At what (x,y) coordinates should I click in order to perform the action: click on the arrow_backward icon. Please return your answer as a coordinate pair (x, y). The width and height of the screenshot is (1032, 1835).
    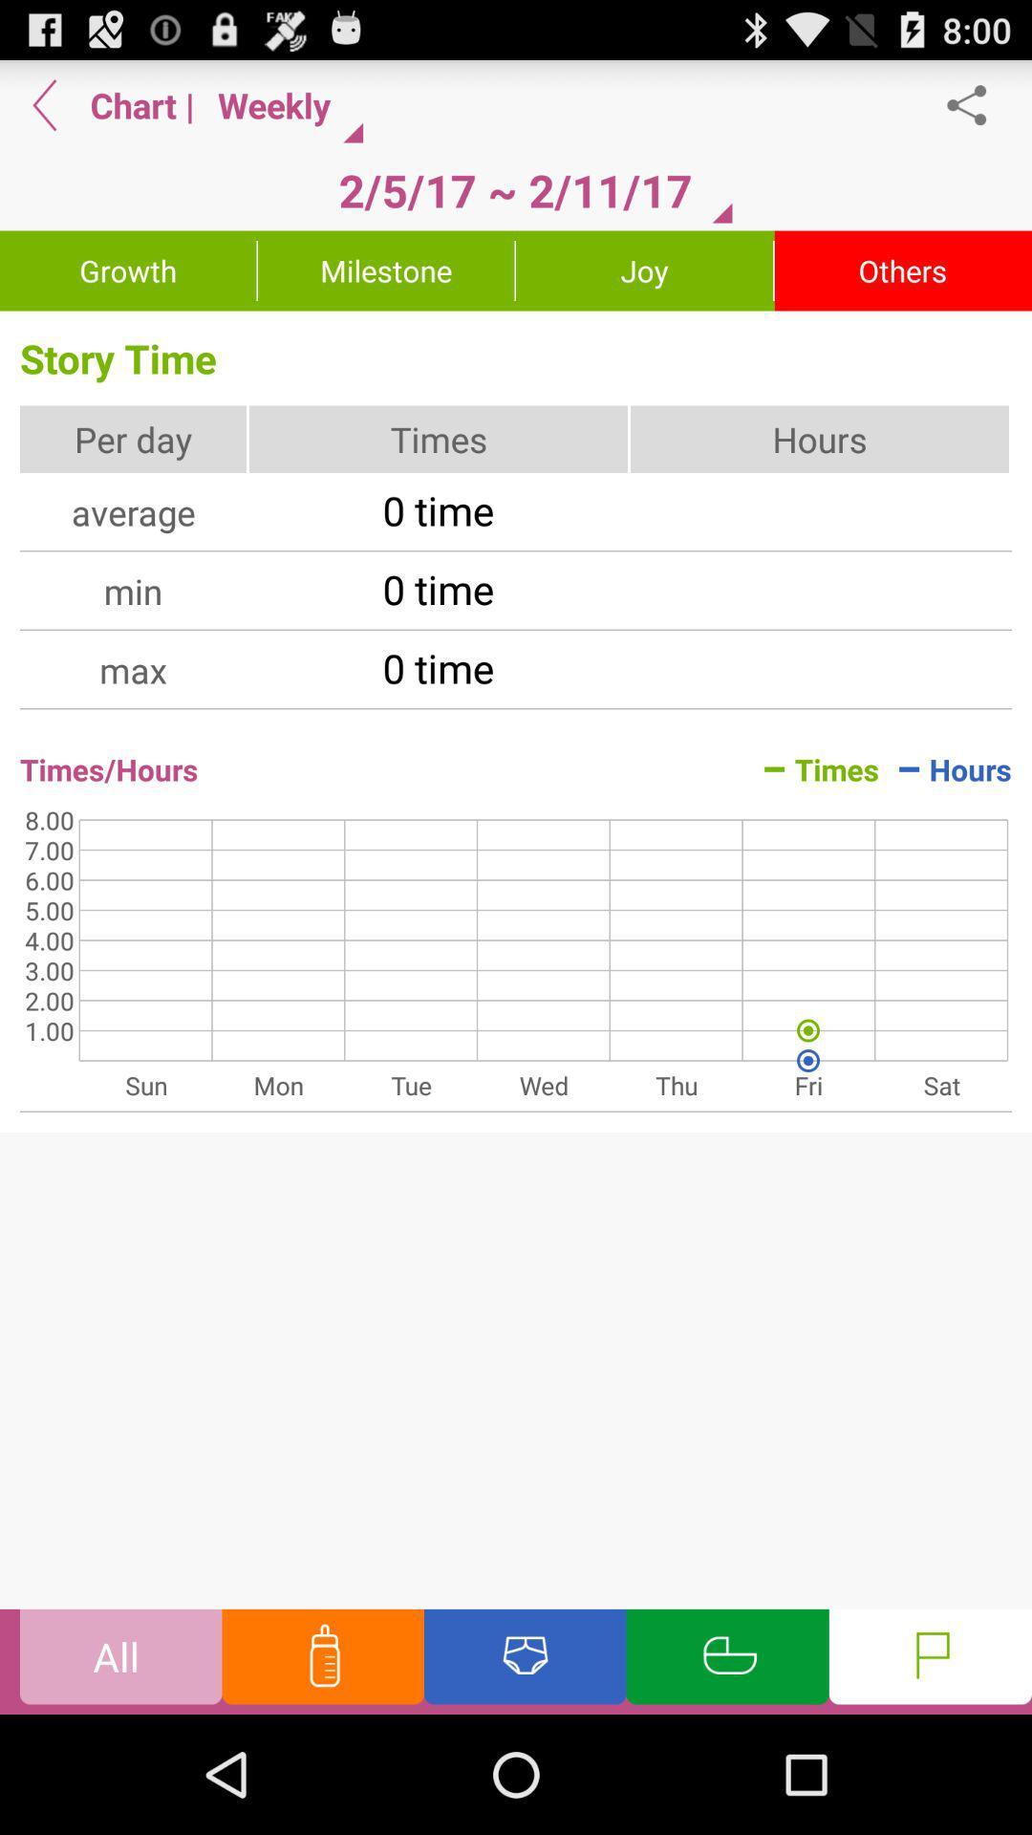
    Looking at the image, I should click on (44, 112).